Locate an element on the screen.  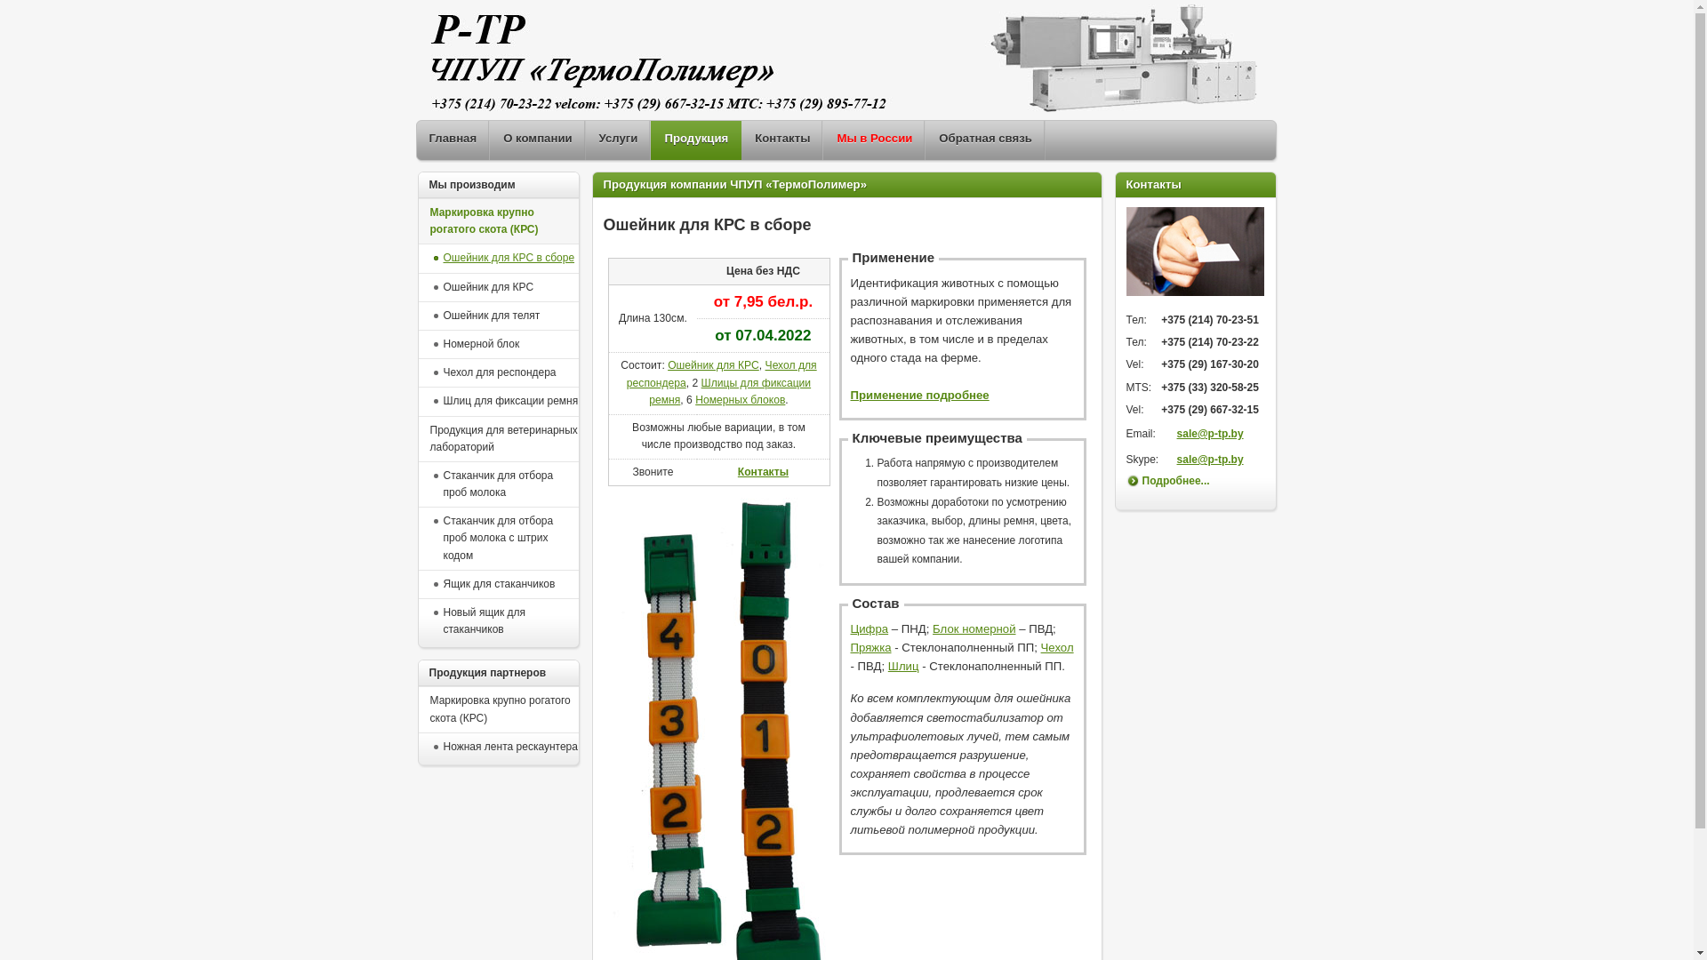
'sale@p-tp.by' is located at coordinates (1177, 458).